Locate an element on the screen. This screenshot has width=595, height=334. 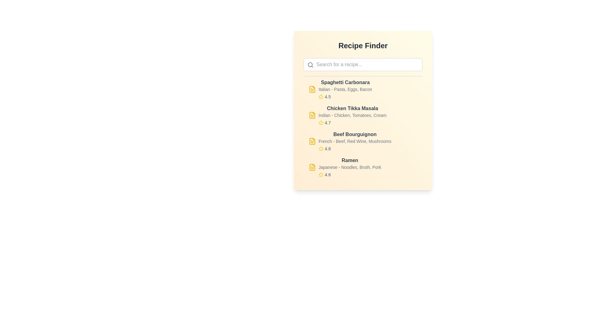
the document icon related to 'Beef Bourguignon' located at the start of its list item is located at coordinates (312, 141).